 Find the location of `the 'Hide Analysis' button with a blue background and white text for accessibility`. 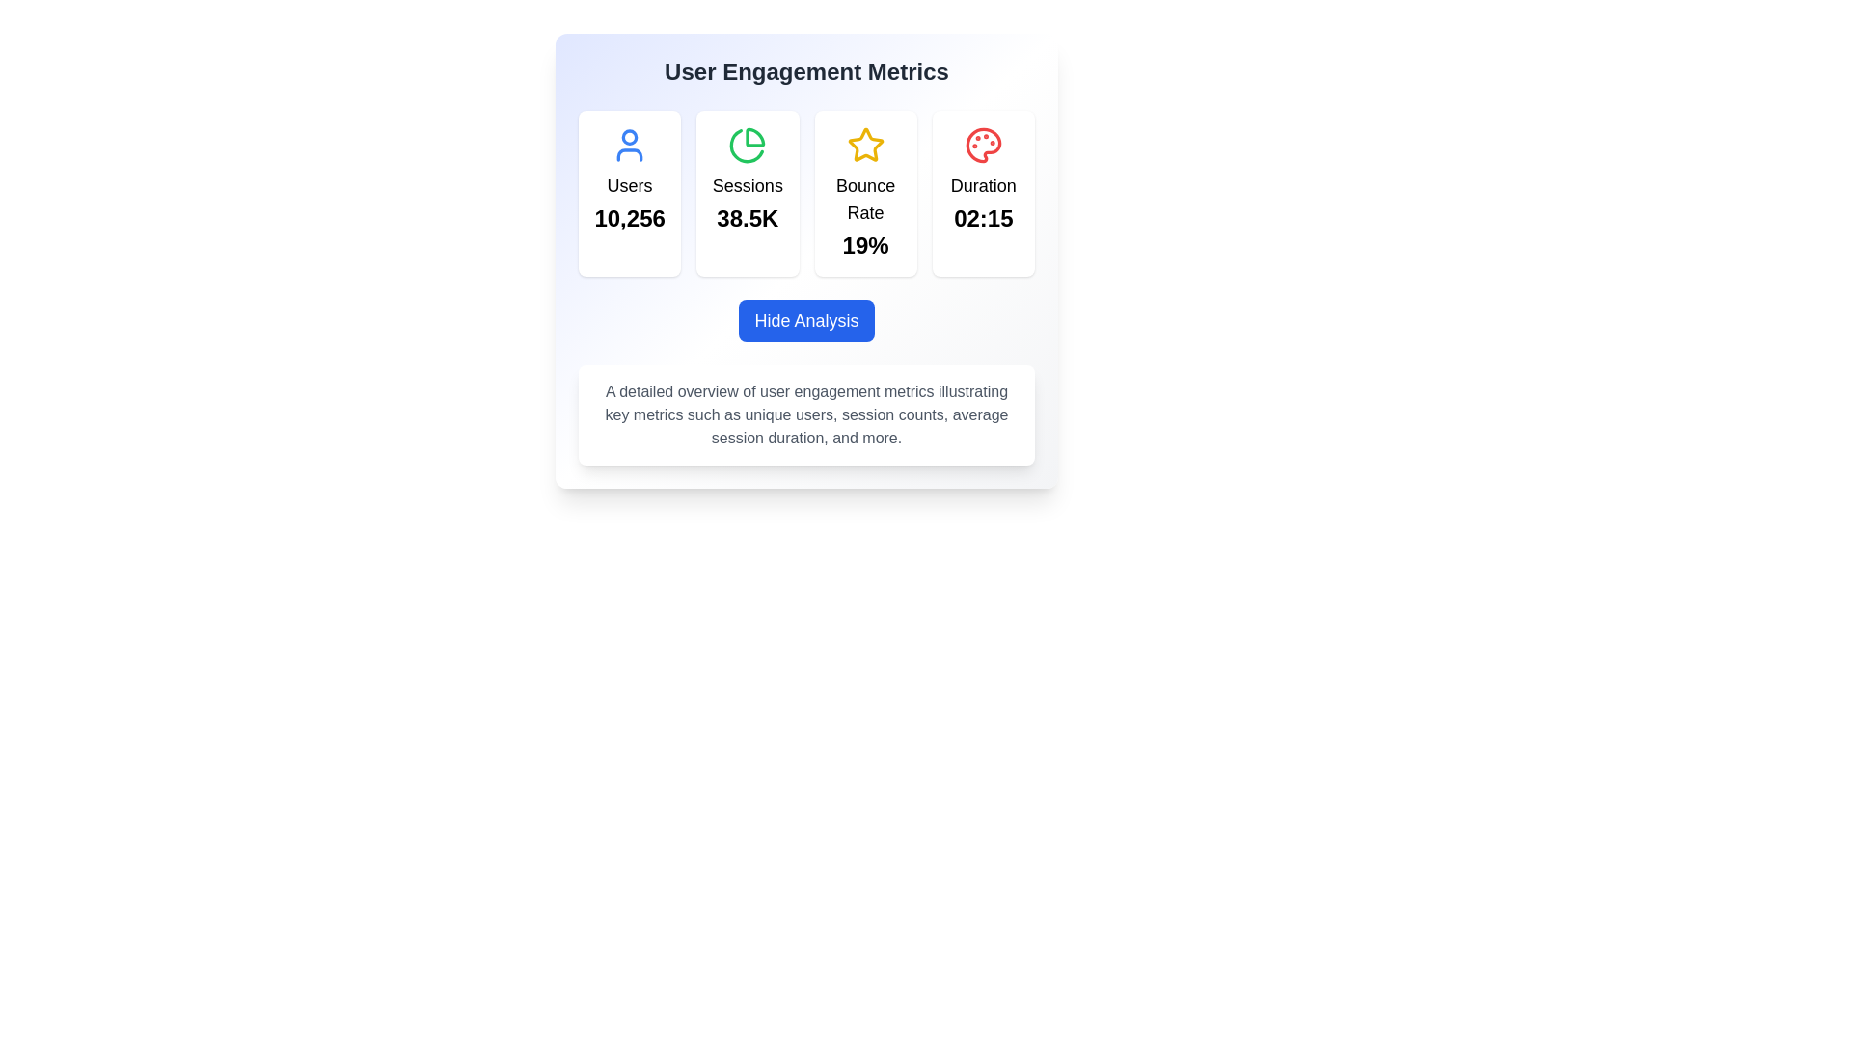

the 'Hide Analysis' button with a blue background and white text for accessibility is located at coordinates (806, 319).